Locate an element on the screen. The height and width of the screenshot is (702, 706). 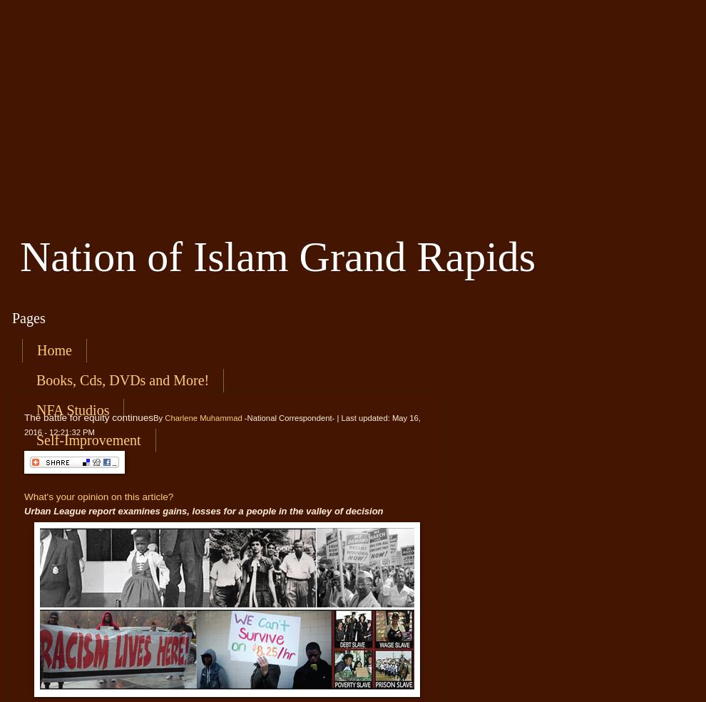
'Home' is located at coordinates (54, 350).